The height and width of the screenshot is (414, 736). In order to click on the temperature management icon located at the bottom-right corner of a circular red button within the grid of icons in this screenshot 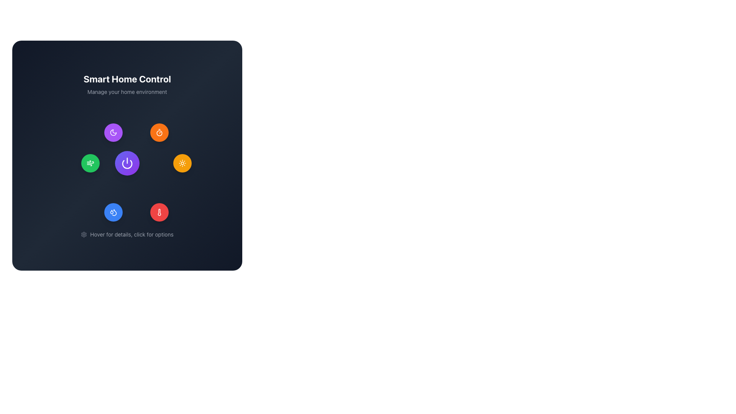, I will do `click(159, 212)`.